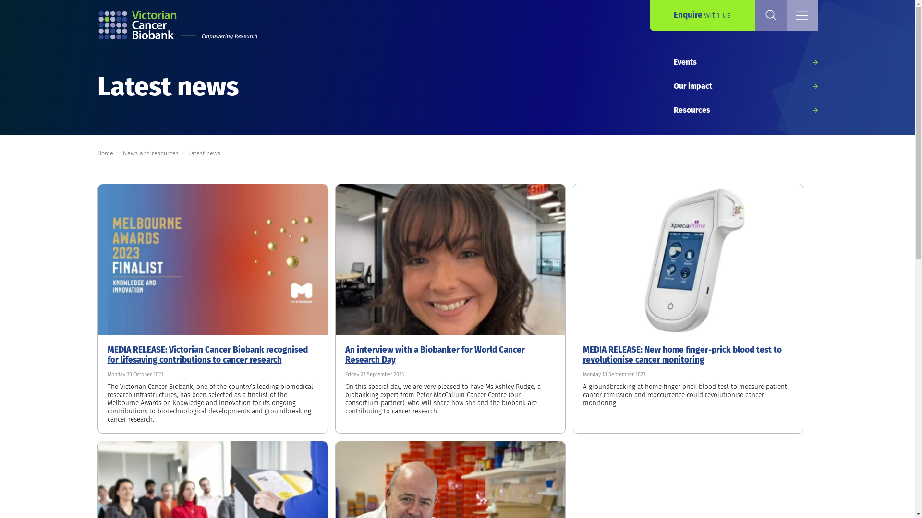  What do you see at coordinates (702, 15) in the screenshot?
I see `'Enquire with us'` at bounding box center [702, 15].